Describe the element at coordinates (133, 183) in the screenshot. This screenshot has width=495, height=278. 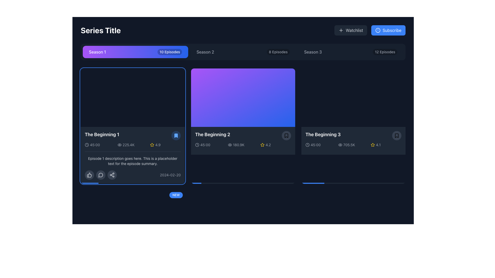
I see `the progress bar located at the bottom of the card-like component that visually represents playback progress` at that location.